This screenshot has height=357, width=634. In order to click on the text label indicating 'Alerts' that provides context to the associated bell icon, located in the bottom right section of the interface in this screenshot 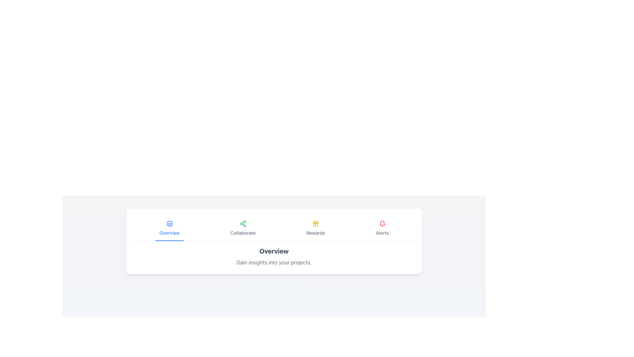, I will do `click(382, 233)`.